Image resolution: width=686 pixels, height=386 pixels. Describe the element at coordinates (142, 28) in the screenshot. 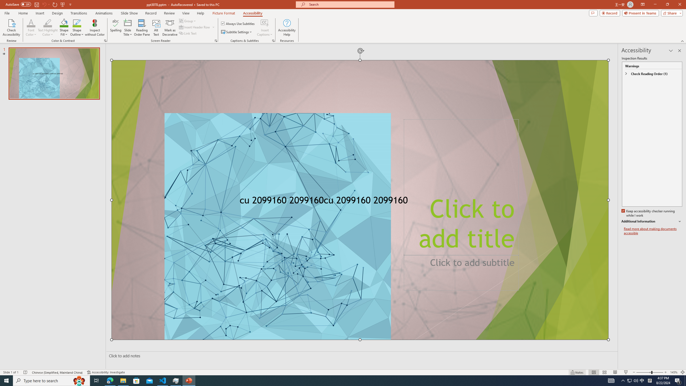

I see `'Reading Order Pane'` at that location.